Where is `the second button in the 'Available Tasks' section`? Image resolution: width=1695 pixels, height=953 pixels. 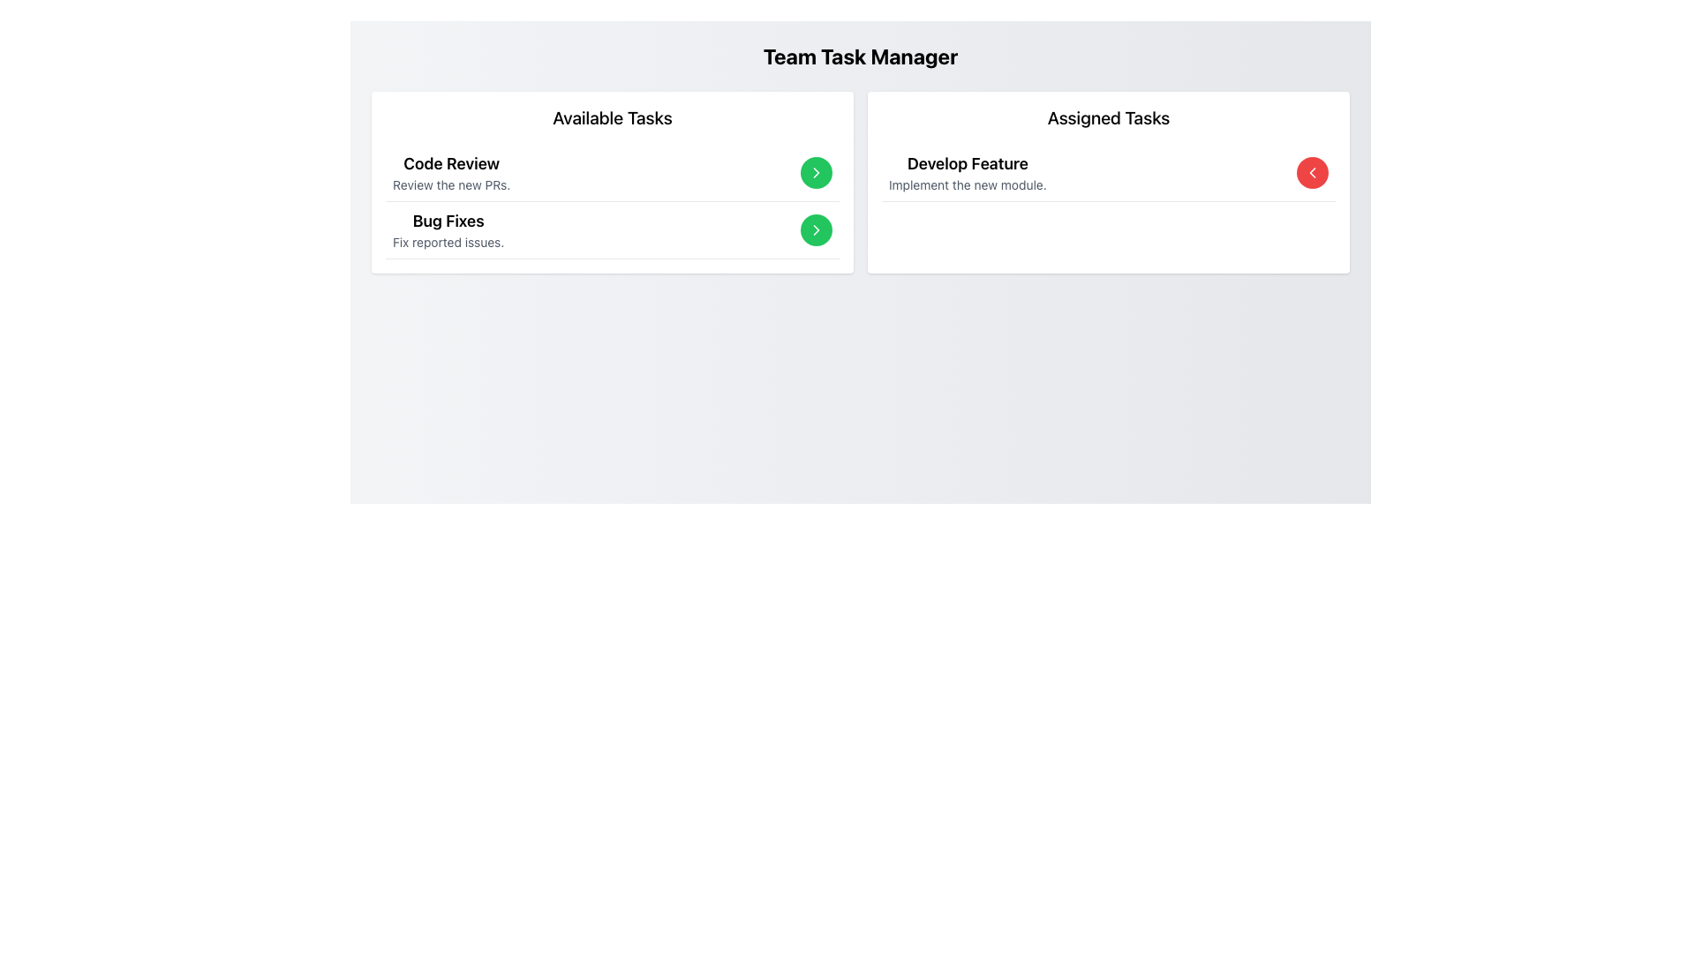 the second button in the 'Available Tasks' section is located at coordinates (816, 229).